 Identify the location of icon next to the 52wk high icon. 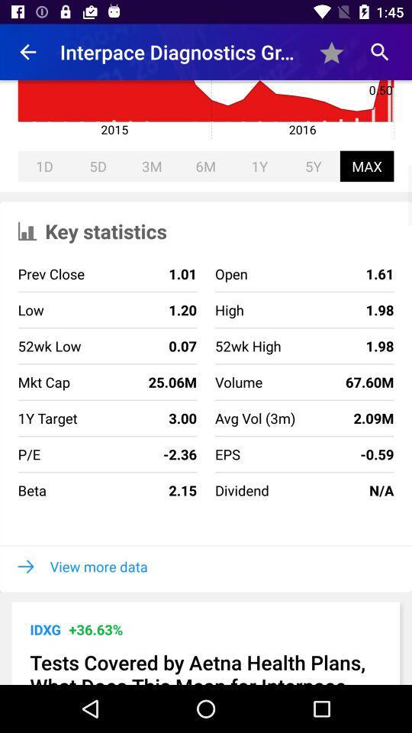
(133, 381).